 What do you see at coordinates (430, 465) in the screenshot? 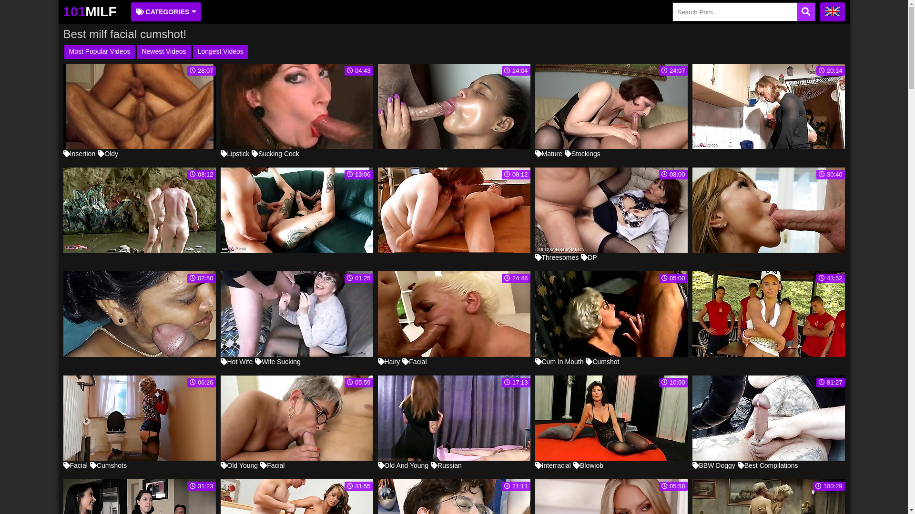
I see `'Russian'` at bounding box center [430, 465].